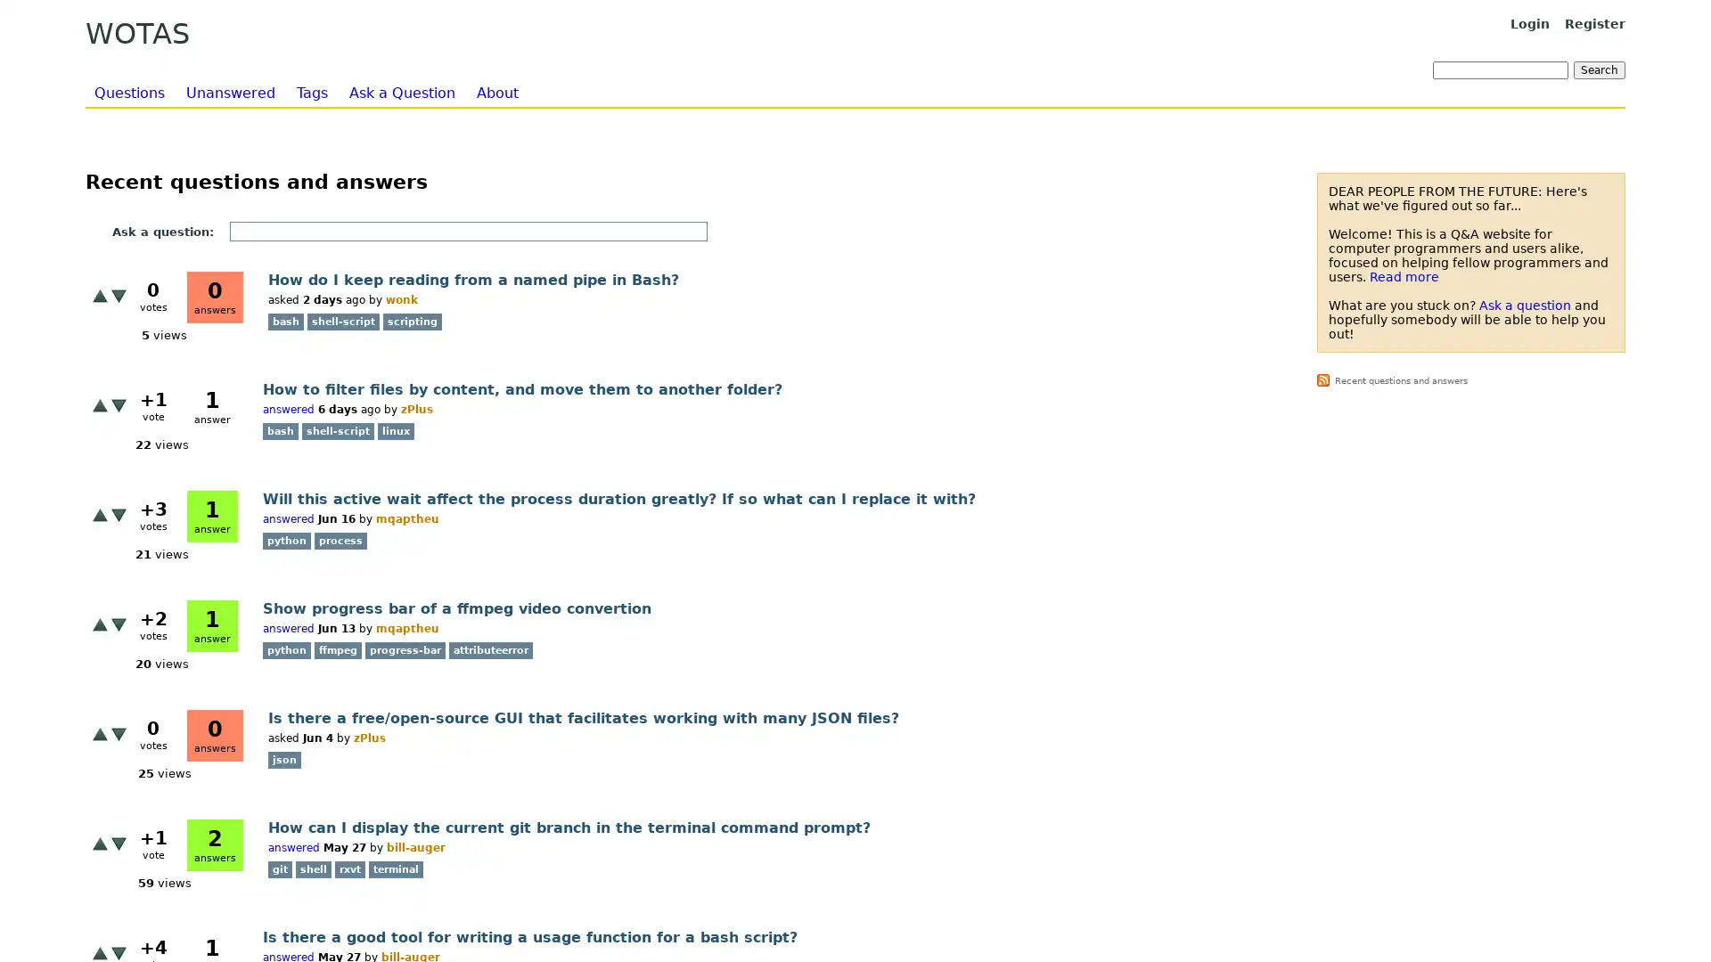 Image resolution: width=1711 pixels, height=962 pixels. What do you see at coordinates (99, 952) in the screenshot?
I see `+` at bounding box center [99, 952].